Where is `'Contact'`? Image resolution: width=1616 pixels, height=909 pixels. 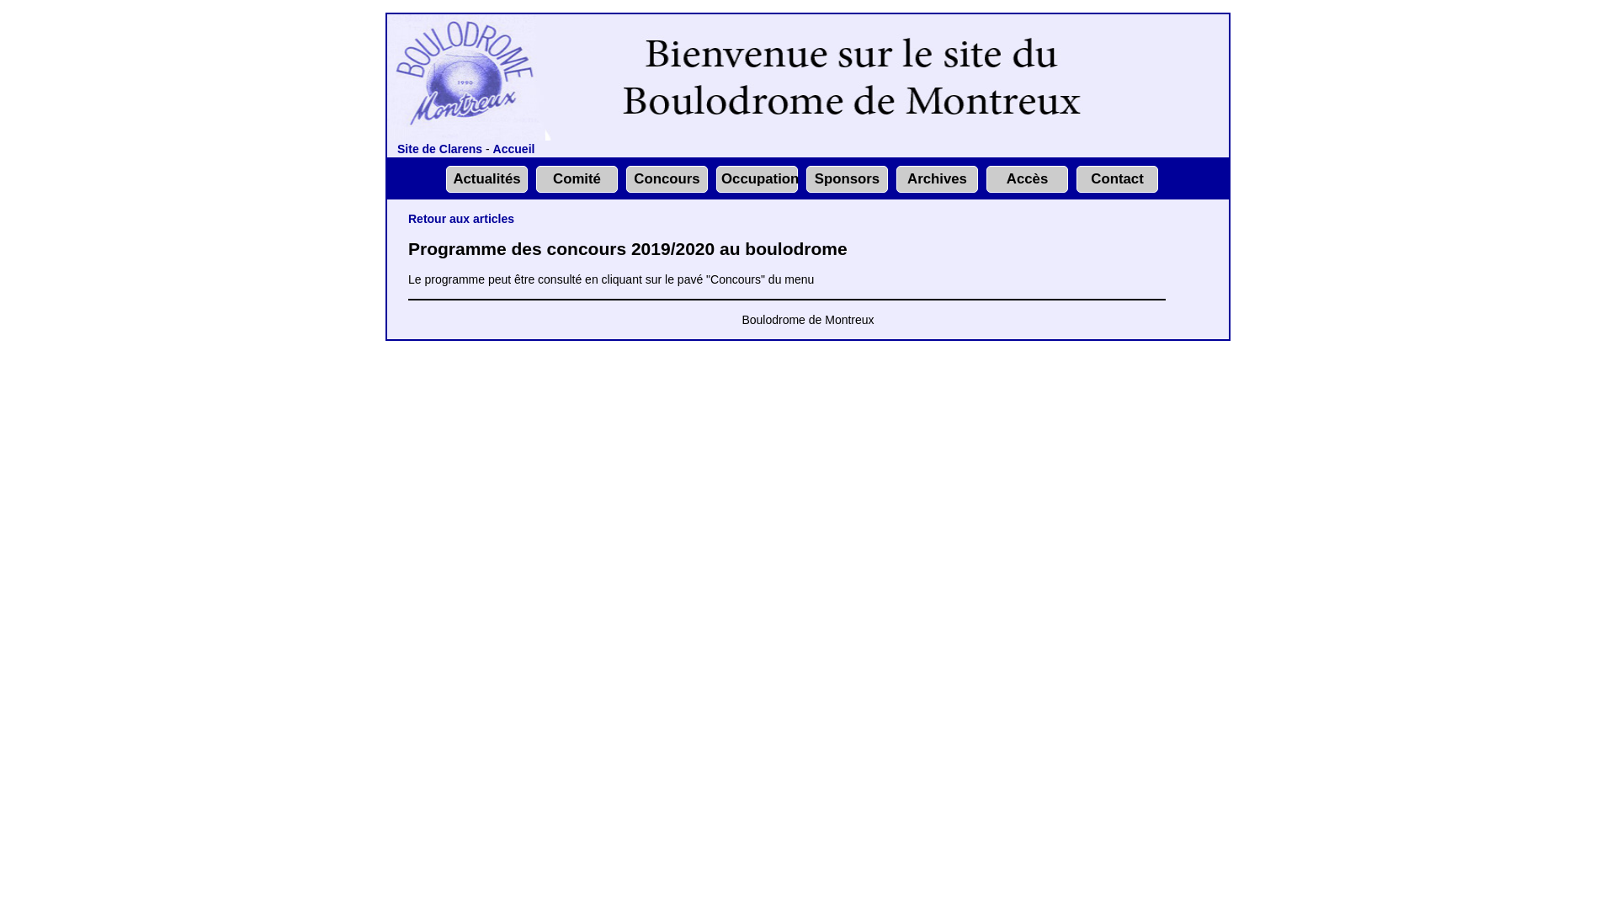 'Contact' is located at coordinates (1091, 178).